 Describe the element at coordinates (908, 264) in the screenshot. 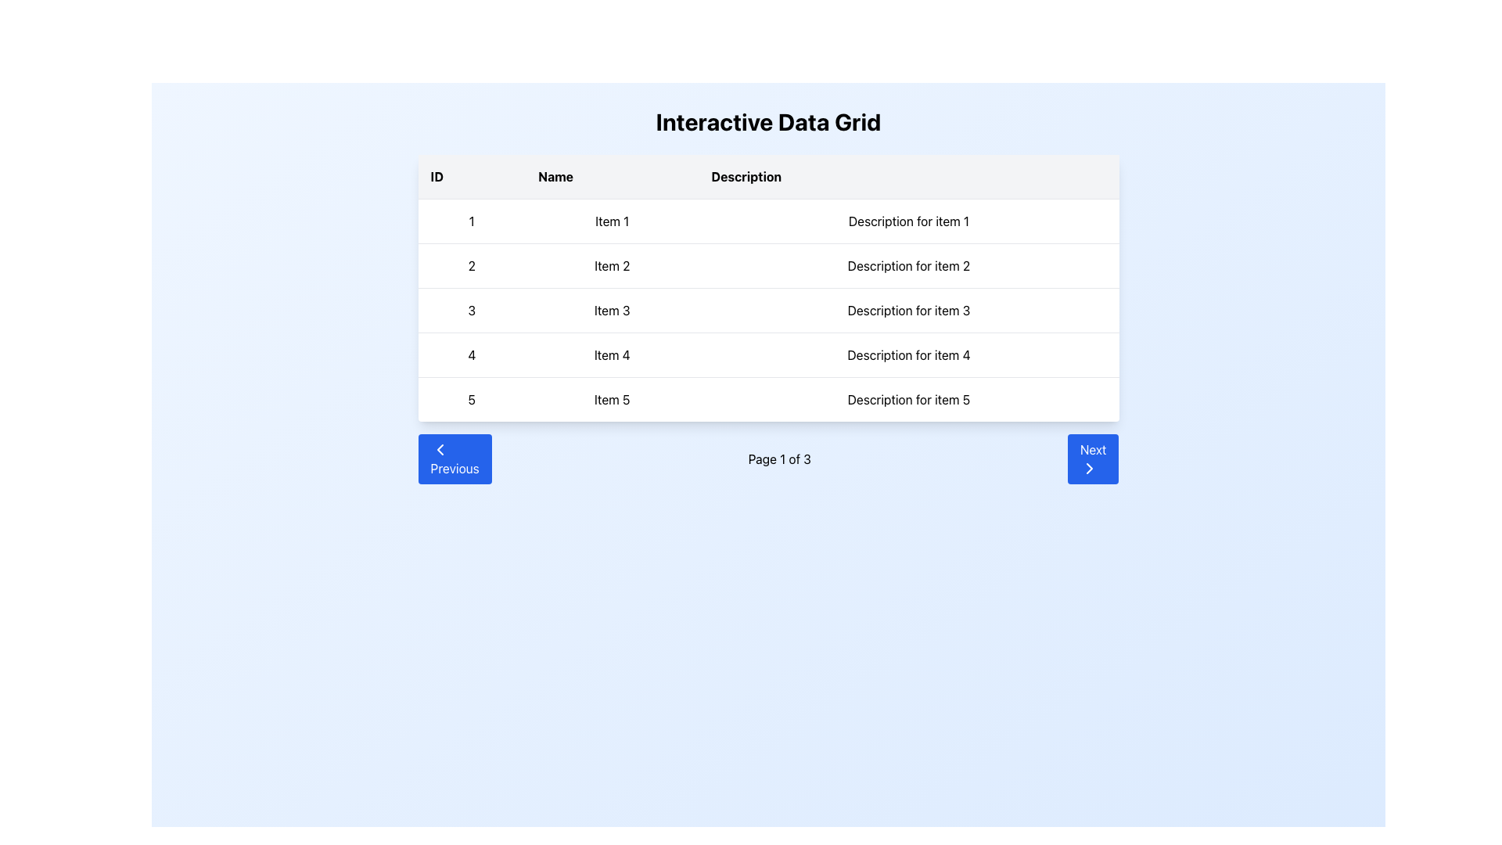

I see `the text block that provides a description for 'Item 2', located in the second row, third column of the tabular layout` at that location.